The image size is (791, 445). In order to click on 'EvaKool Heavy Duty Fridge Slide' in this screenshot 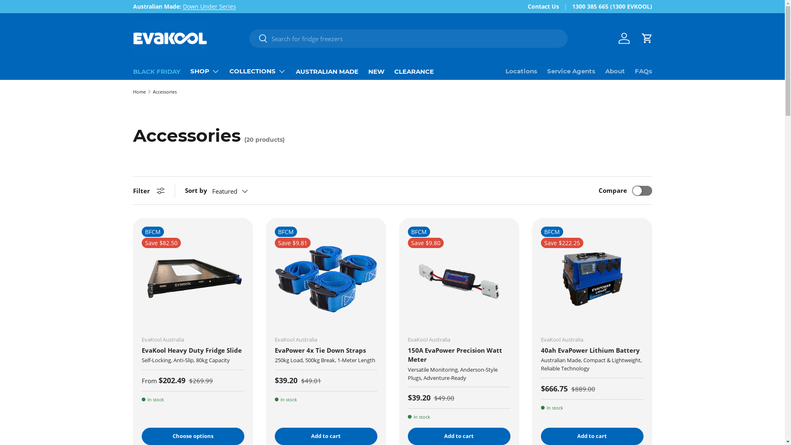, I will do `click(142, 350)`.